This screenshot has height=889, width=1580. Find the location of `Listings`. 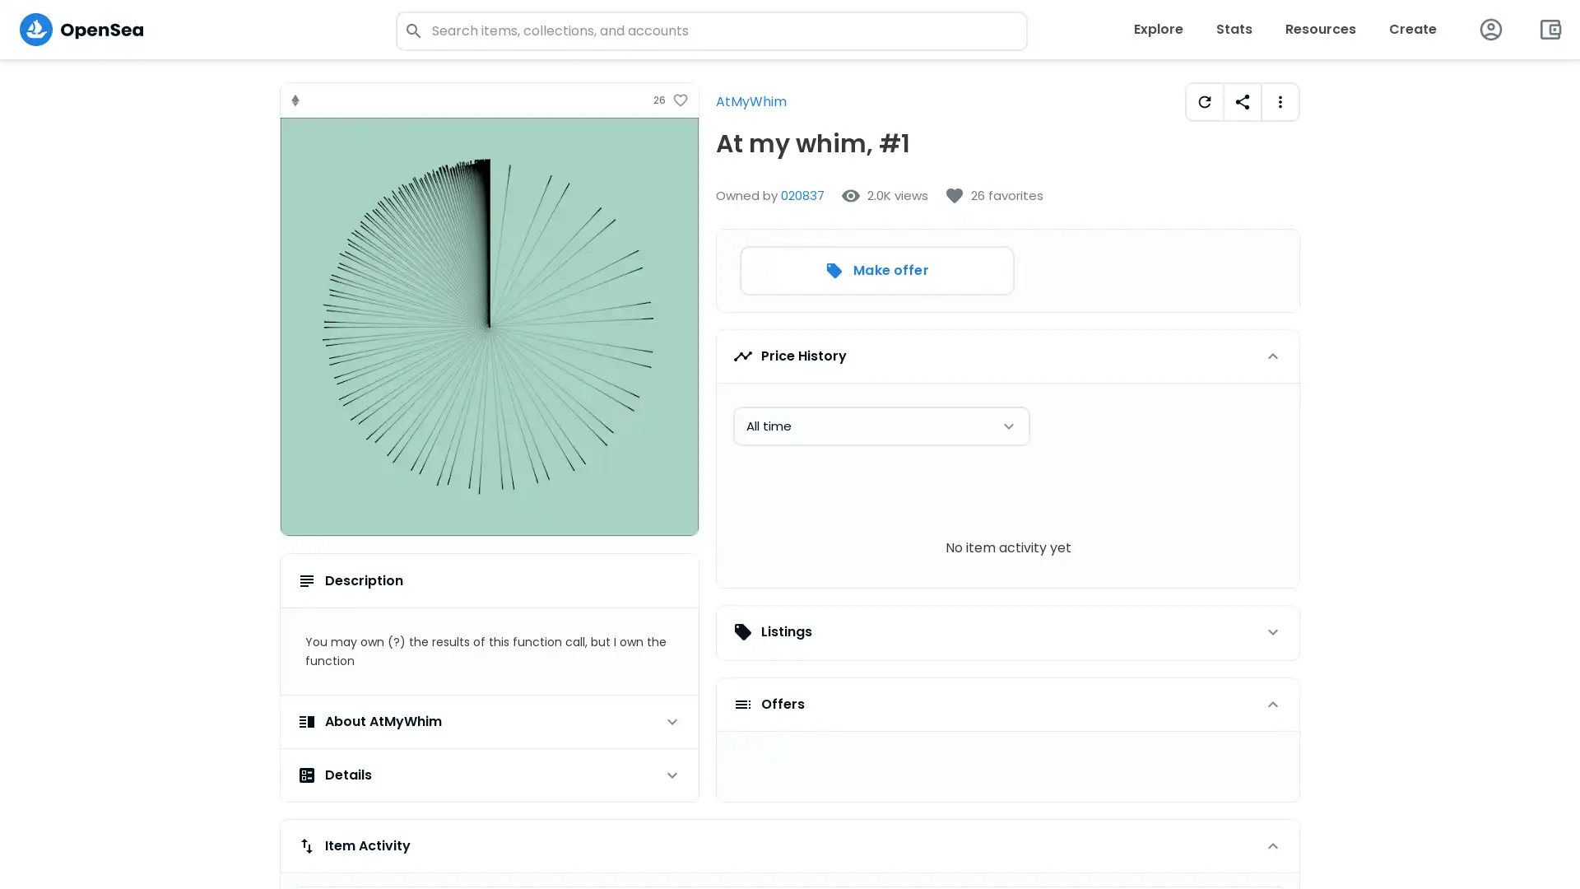

Listings is located at coordinates (1006, 631).